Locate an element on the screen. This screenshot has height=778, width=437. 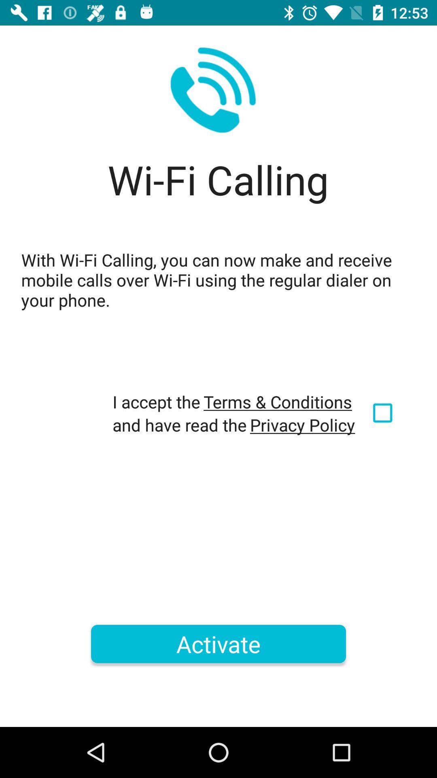
the activate icon is located at coordinates (218, 643).